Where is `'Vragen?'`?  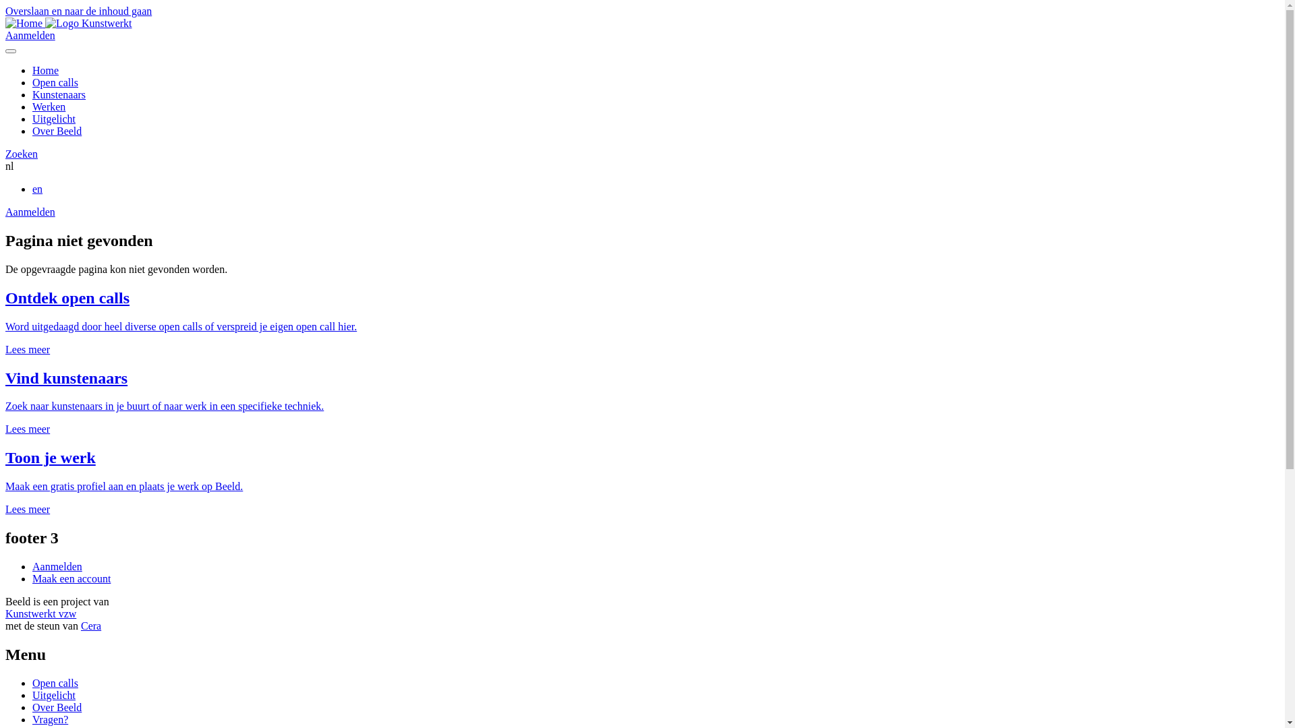 'Vragen?' is located at coordinates (32, 719).